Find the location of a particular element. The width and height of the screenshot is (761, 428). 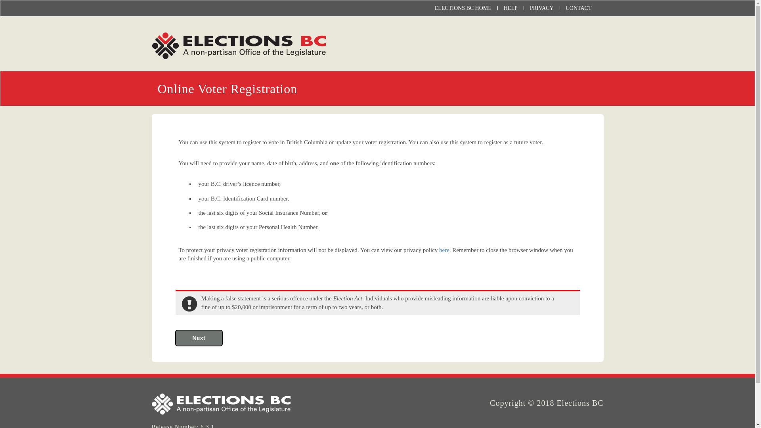

'Click to continue' is located at coordinates (174, 338).